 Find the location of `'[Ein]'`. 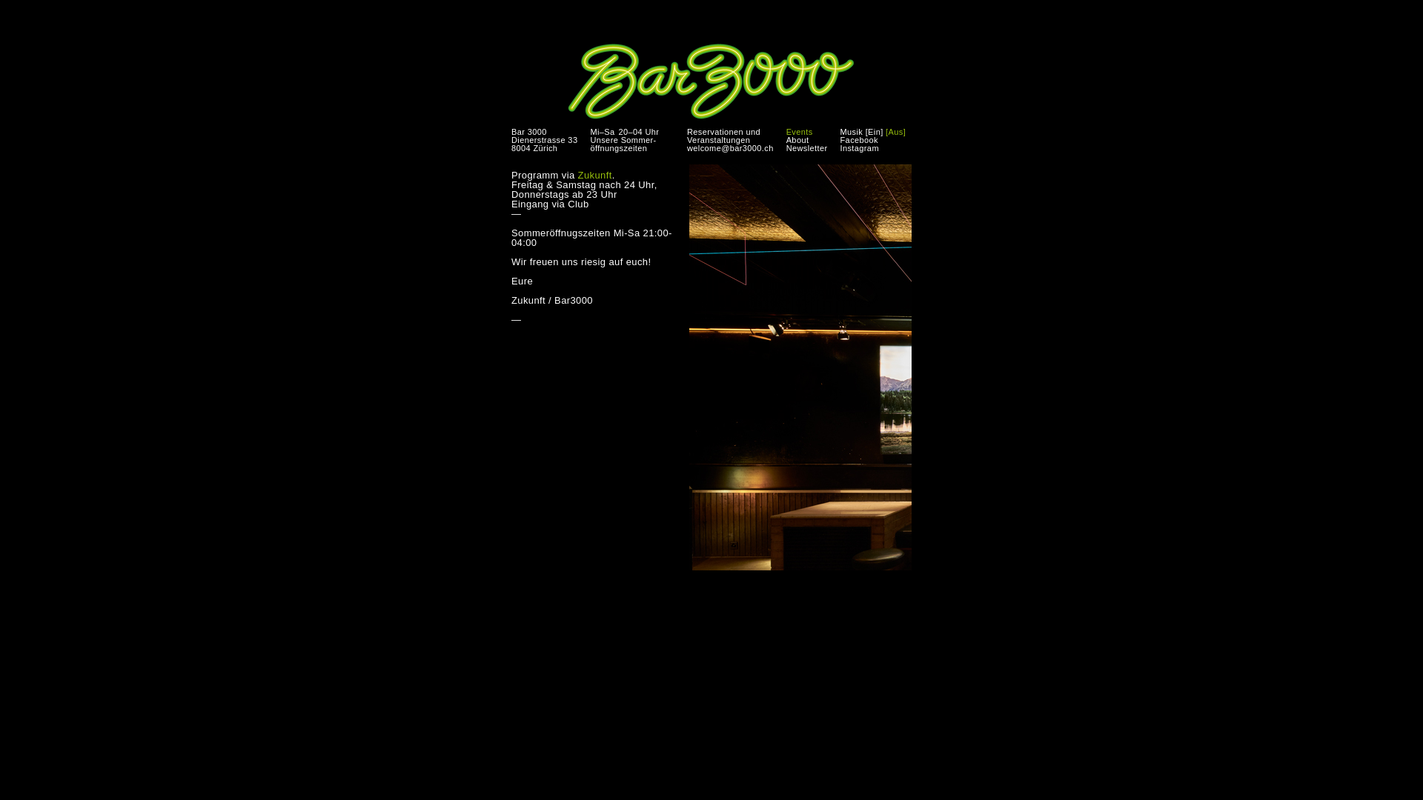

'[Ein]' is located at coordinates (865, 130).